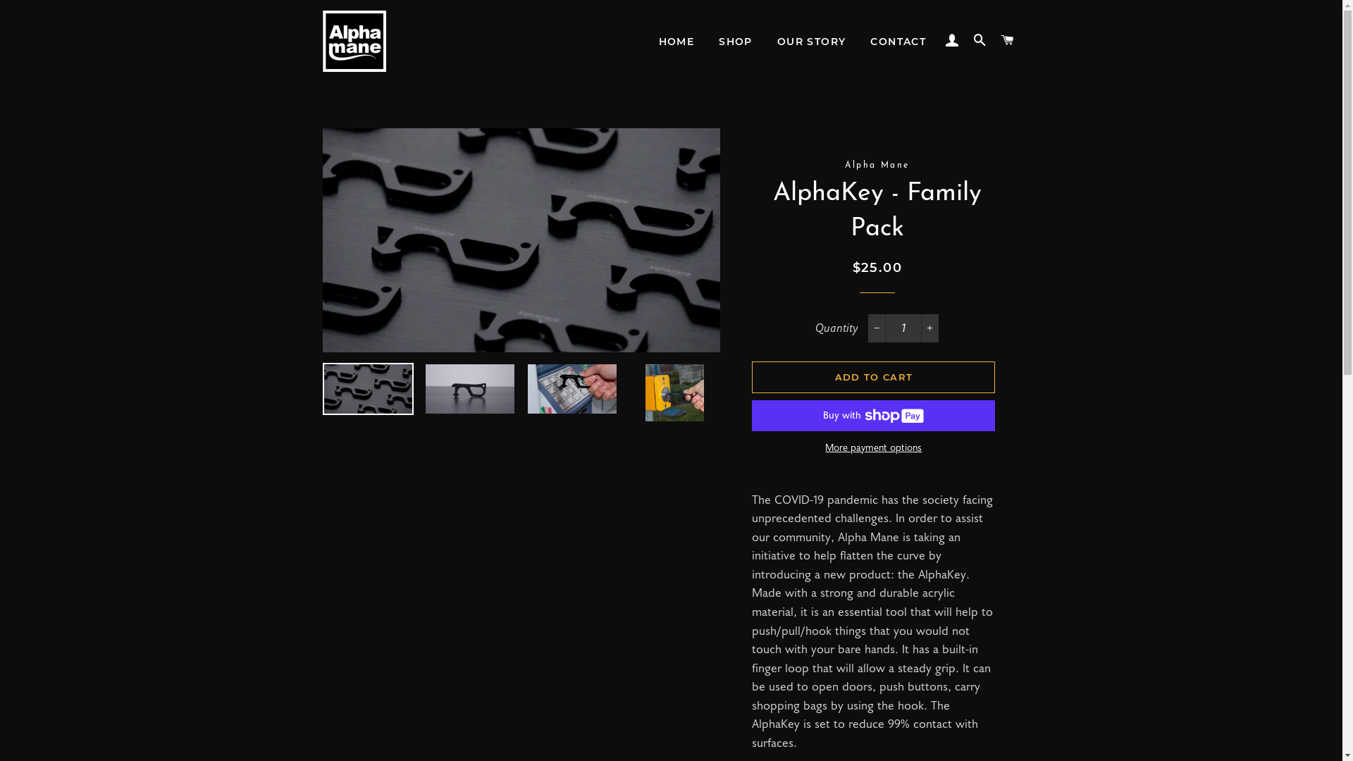 This screenshot has height=761, width=1353. What do you see at coordinates (1007, 39) in the screenshot?
I see `'CART'` at bounding box center [1007, 39].